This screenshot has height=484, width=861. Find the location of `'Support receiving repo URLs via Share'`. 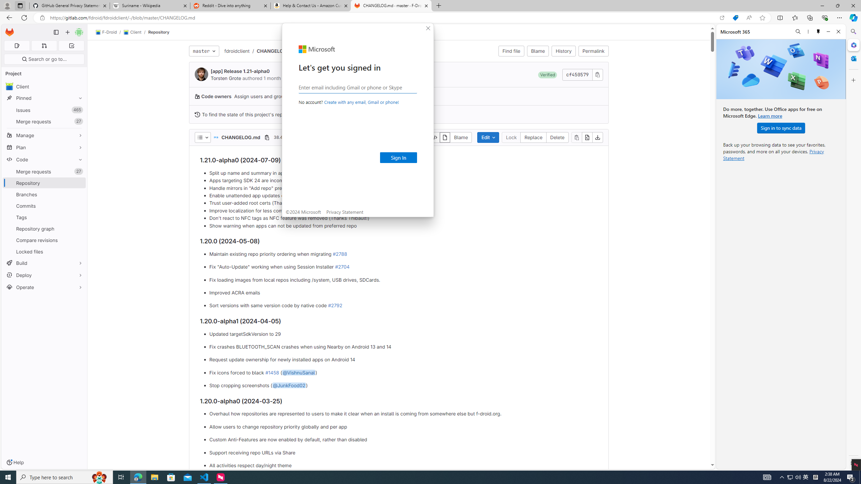

'Support receiving repo URLs via Share' is located at coordinates (403, 452).